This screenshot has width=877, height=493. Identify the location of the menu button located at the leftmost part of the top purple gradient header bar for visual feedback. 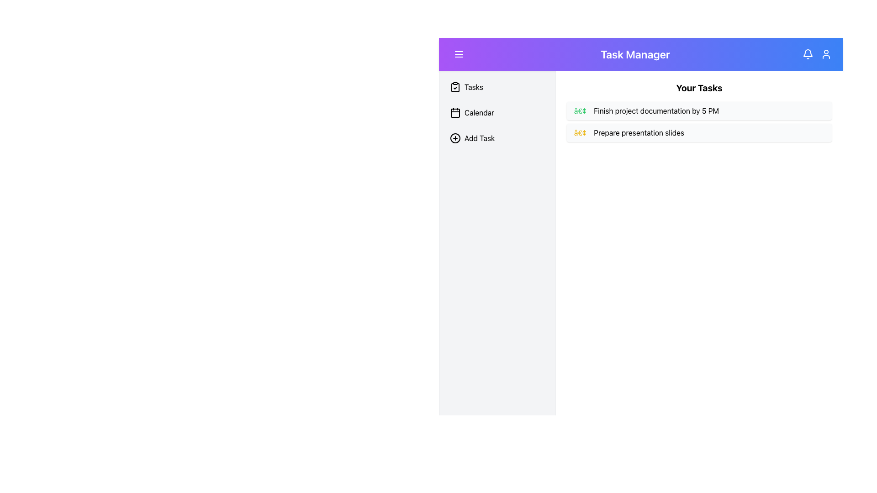
(459, 54).